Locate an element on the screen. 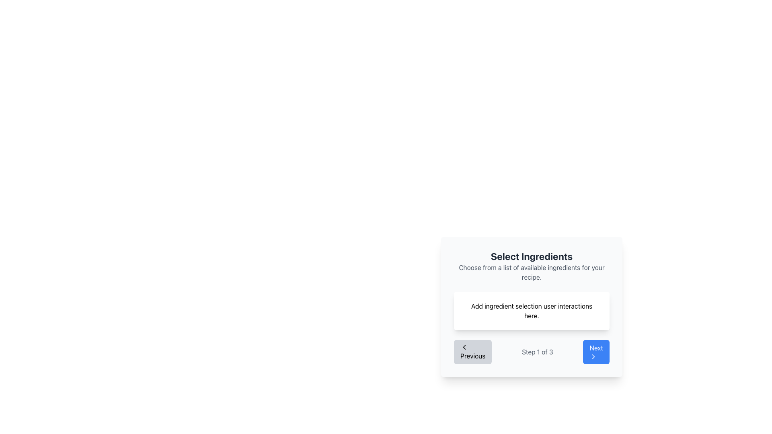 This screenshot has width=772, height=434. the informational header that guides users in selecting ingredients for their recipe, positioned at the top-center of the card component is located at coordinates (532, 266).